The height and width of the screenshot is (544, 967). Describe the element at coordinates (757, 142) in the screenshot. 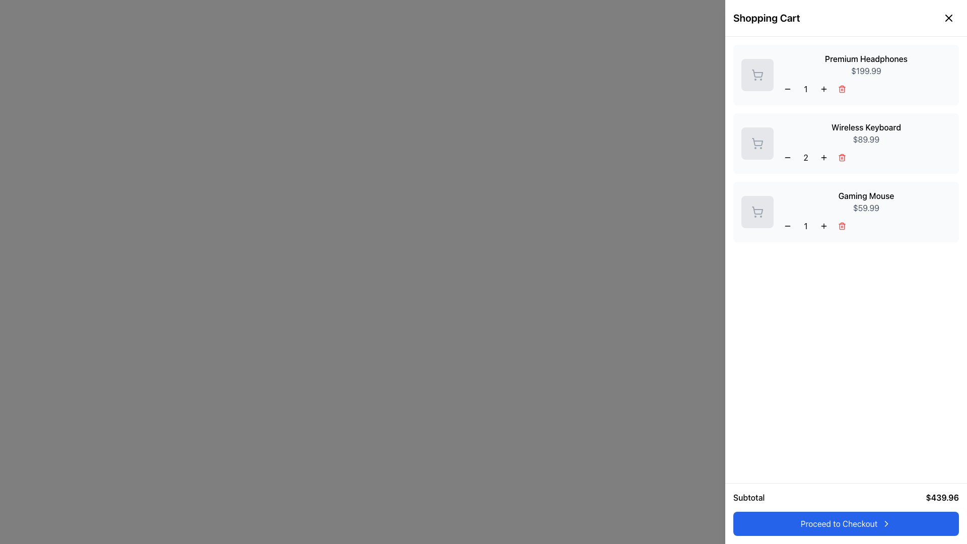

I see `the shopping cart icon located to the left of the 'Wireless Keyboard' entry in the shopping cart list` at that location.